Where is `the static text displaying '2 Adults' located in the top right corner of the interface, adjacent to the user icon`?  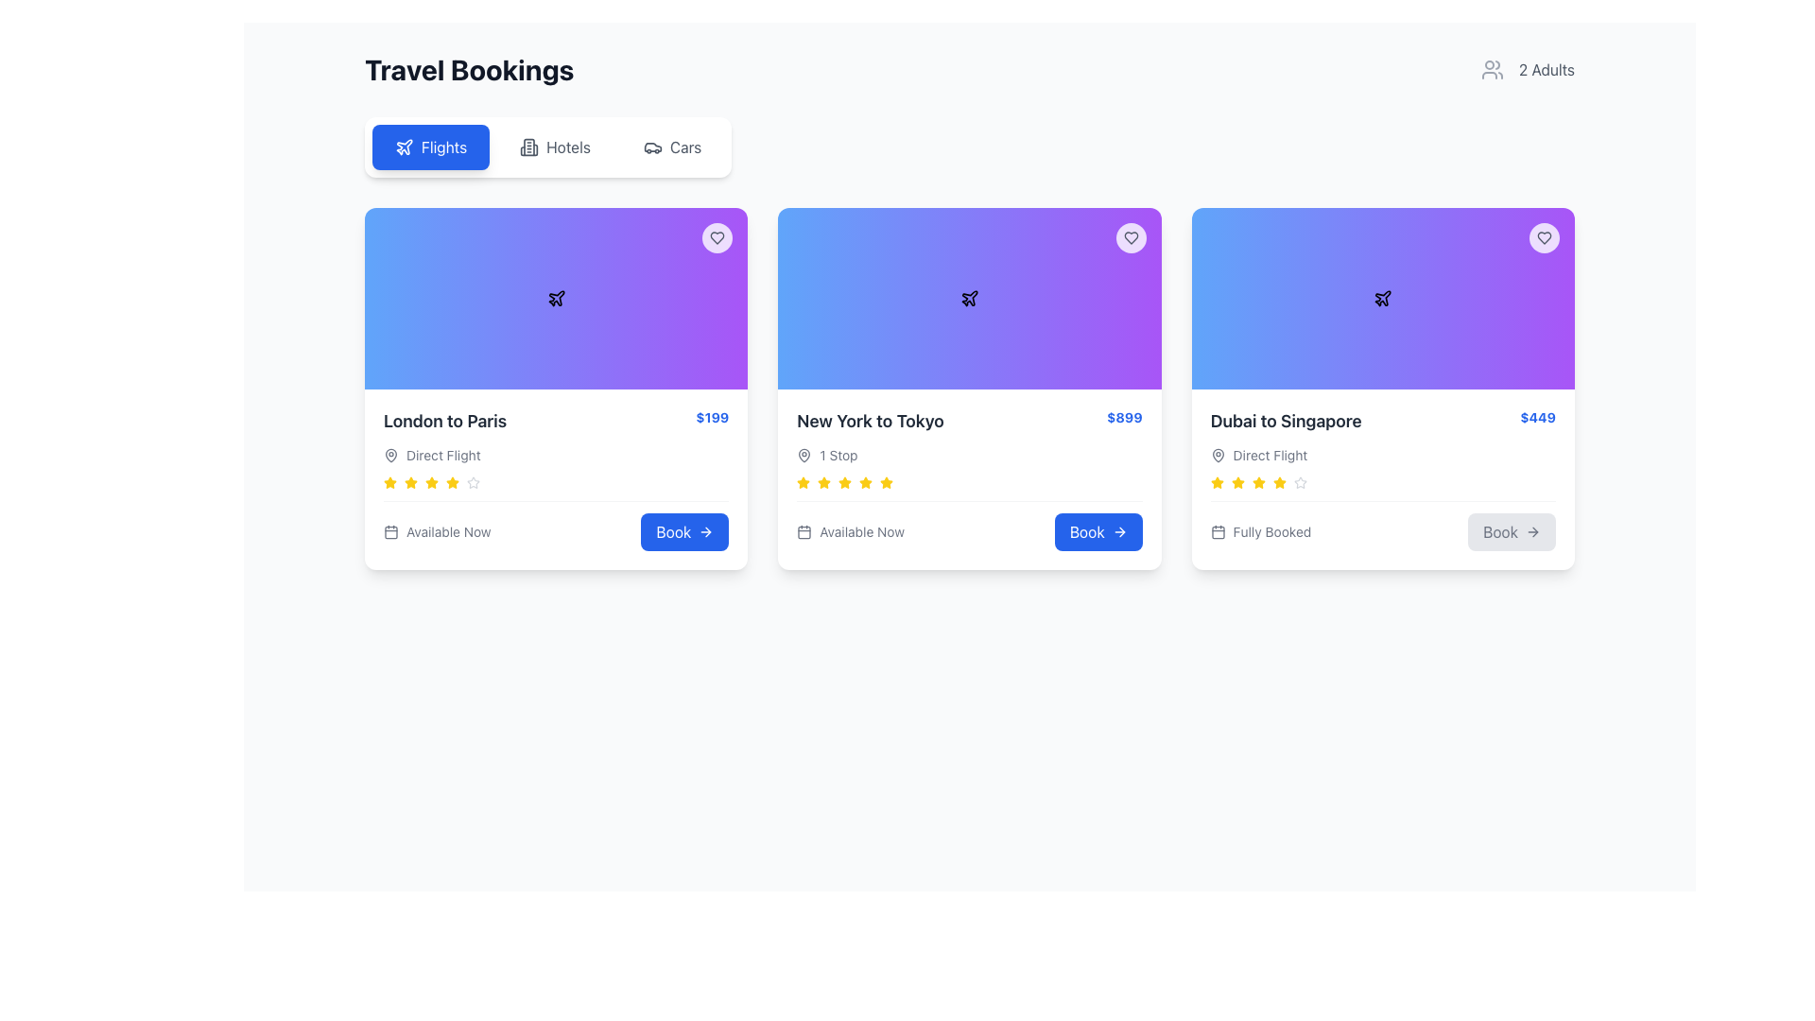 the static text displaying '2 Adults' located in the top right corner of the interface, adjacent to the user icon is located at coordinates (1547, 68).